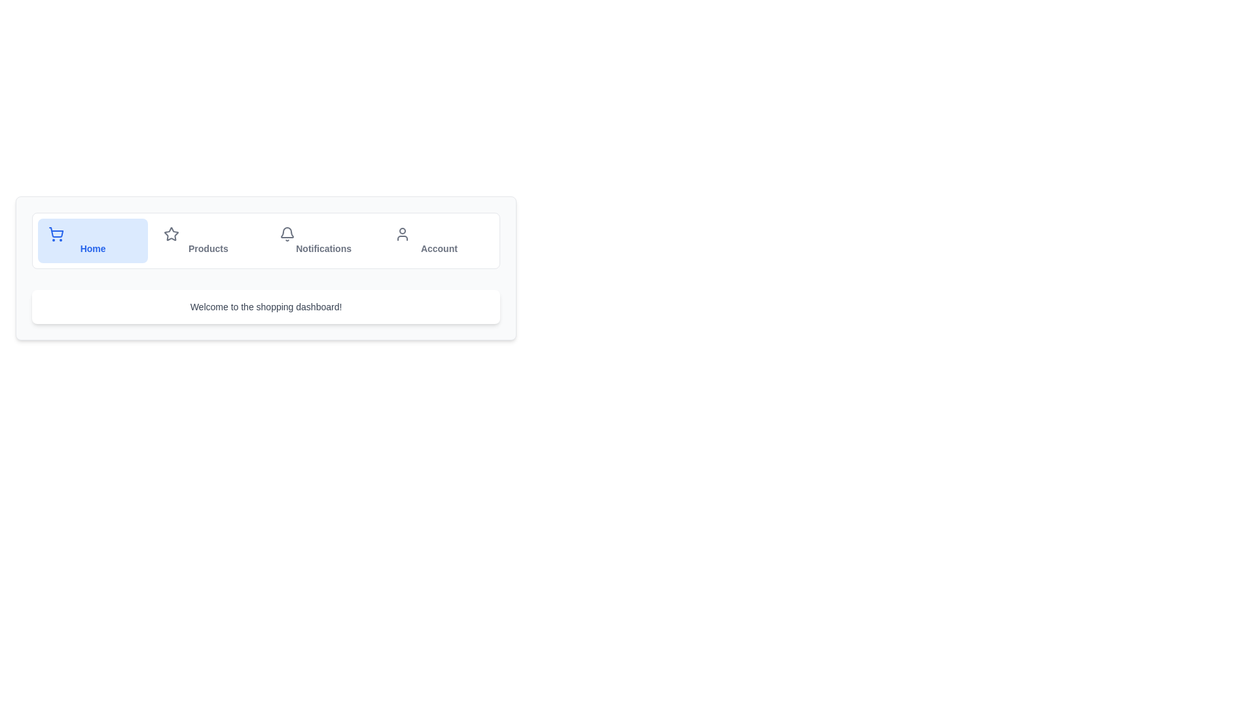 This screenshot has height=707, width=1257. Describe the element at coordinates (401, 234) in the screenshot. I see `the user account icon located to the left of the 'Account' label in the navigation menu, which is the fourth option after 'Notifications.'` at that location.